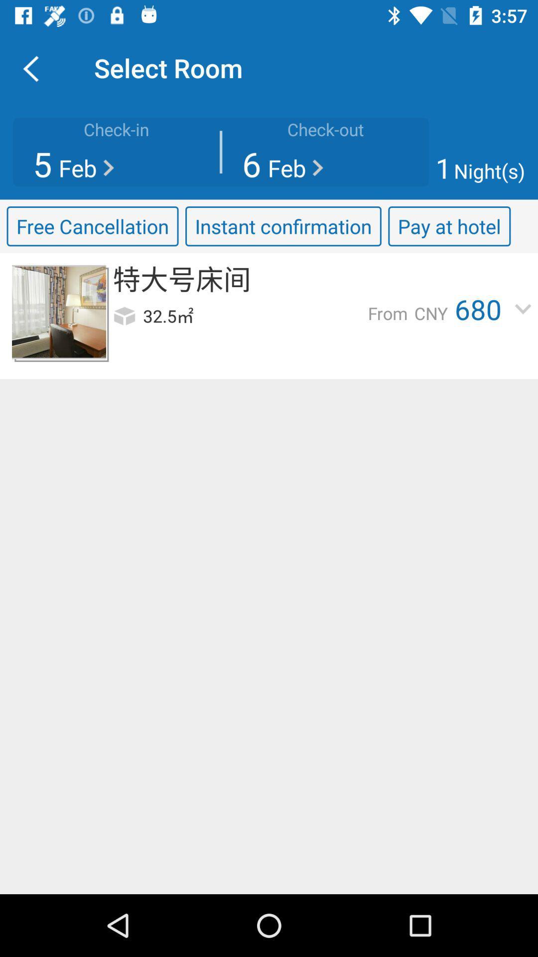 The image size is (538, 957). What do you see at coordinates (283, 226) in the screenshot?
I see `icon to the left of the pay at hotel icon` at bounding box center [283, 226].